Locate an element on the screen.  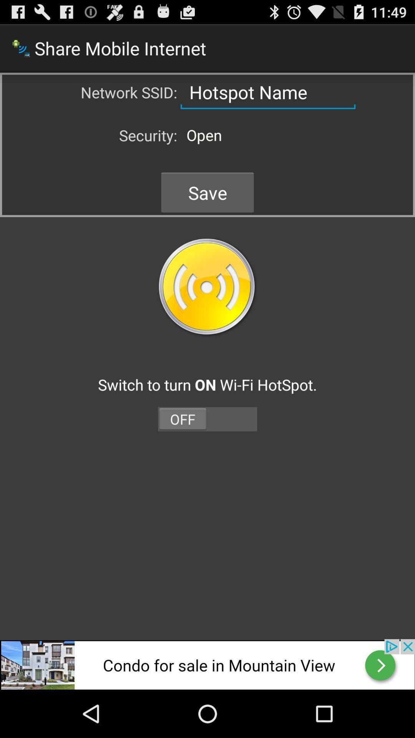
sound recorter is located at coordinates (207, 664).